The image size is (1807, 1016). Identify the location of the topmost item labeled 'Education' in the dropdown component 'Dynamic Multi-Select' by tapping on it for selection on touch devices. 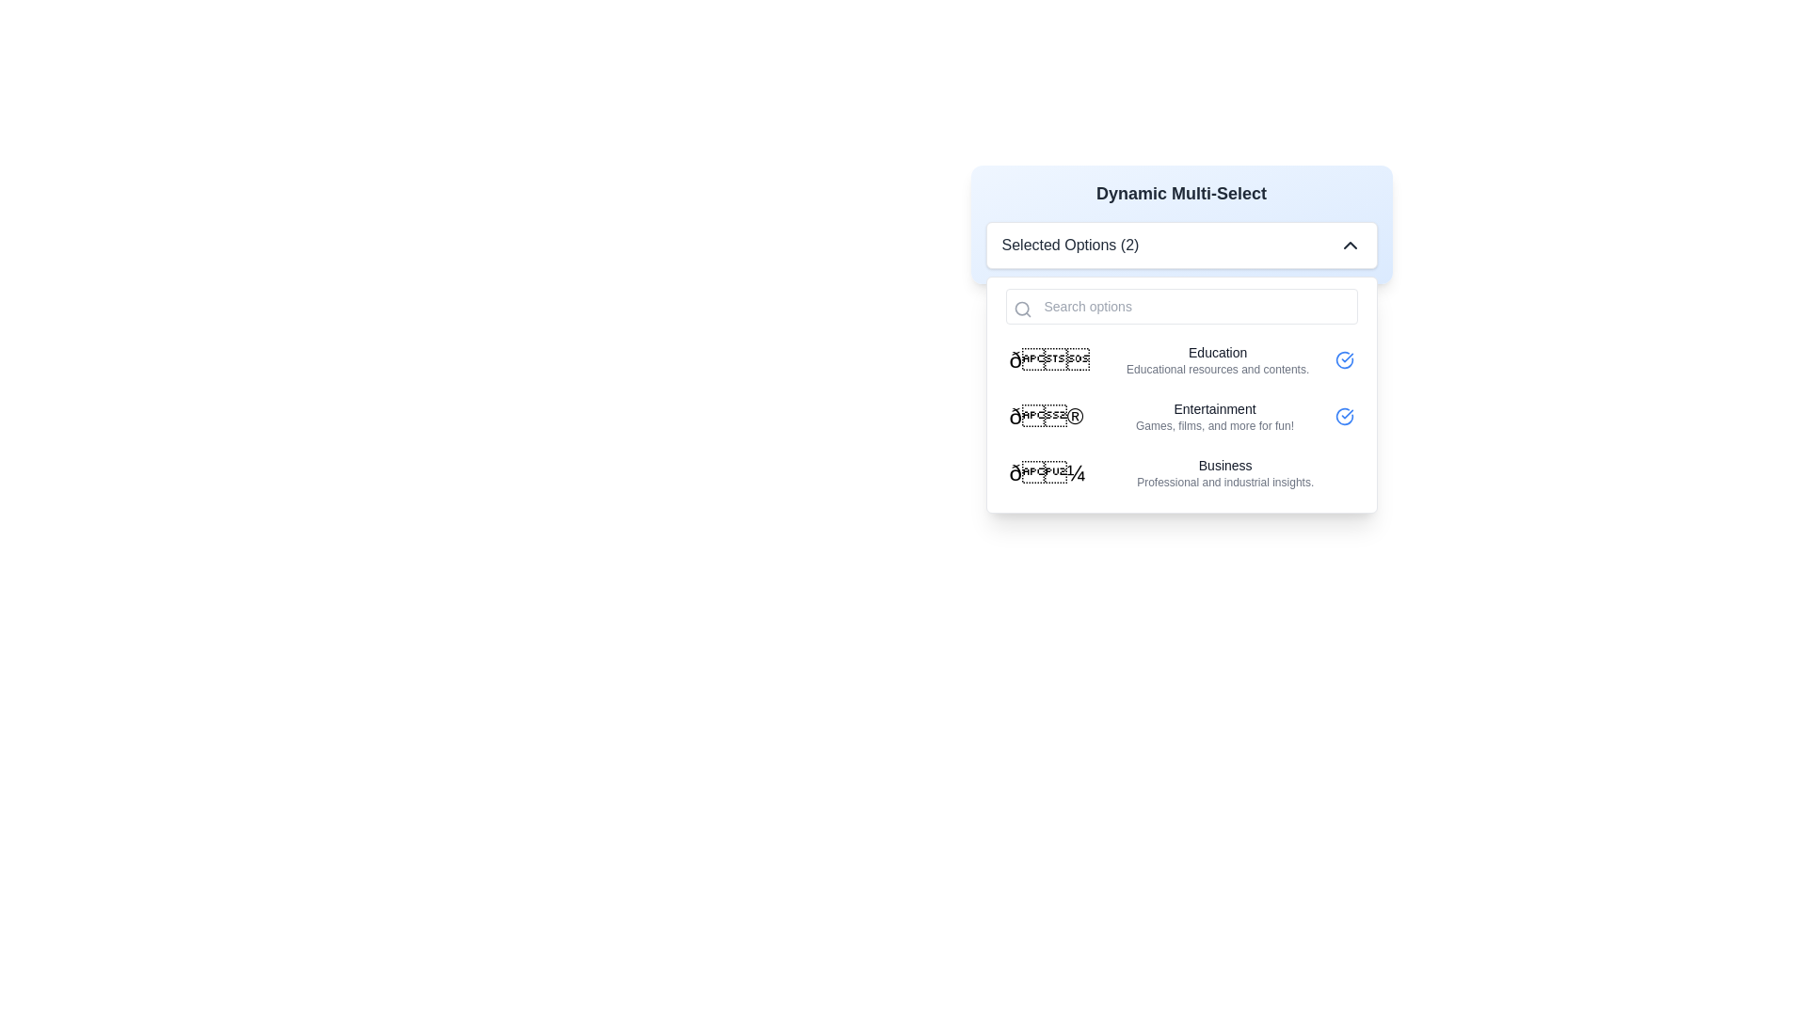
(1180, 359).